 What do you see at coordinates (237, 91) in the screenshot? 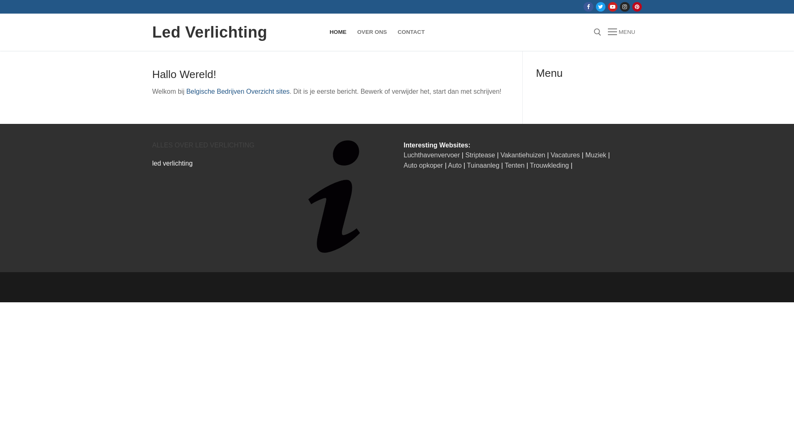
I see `'Belgische Bedrijven Overzicht sites'` at bounding box center [237, 91].